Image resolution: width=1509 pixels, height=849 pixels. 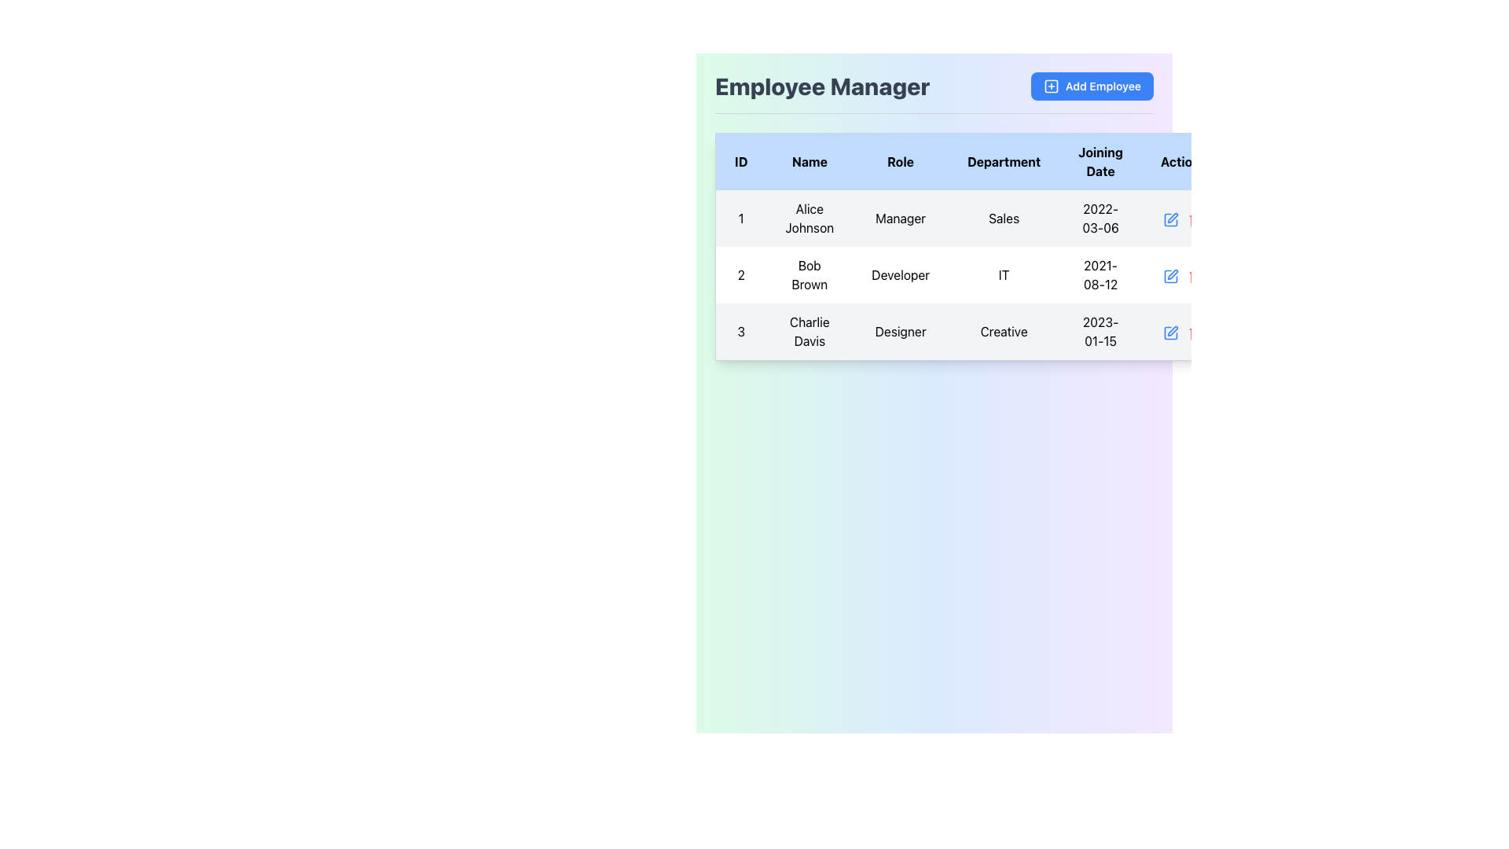 I want to click on text label displaying 'Designer' located in the third row of the 'Role' column in the table for 'Charlie Davis', so click(x=901, y=331).